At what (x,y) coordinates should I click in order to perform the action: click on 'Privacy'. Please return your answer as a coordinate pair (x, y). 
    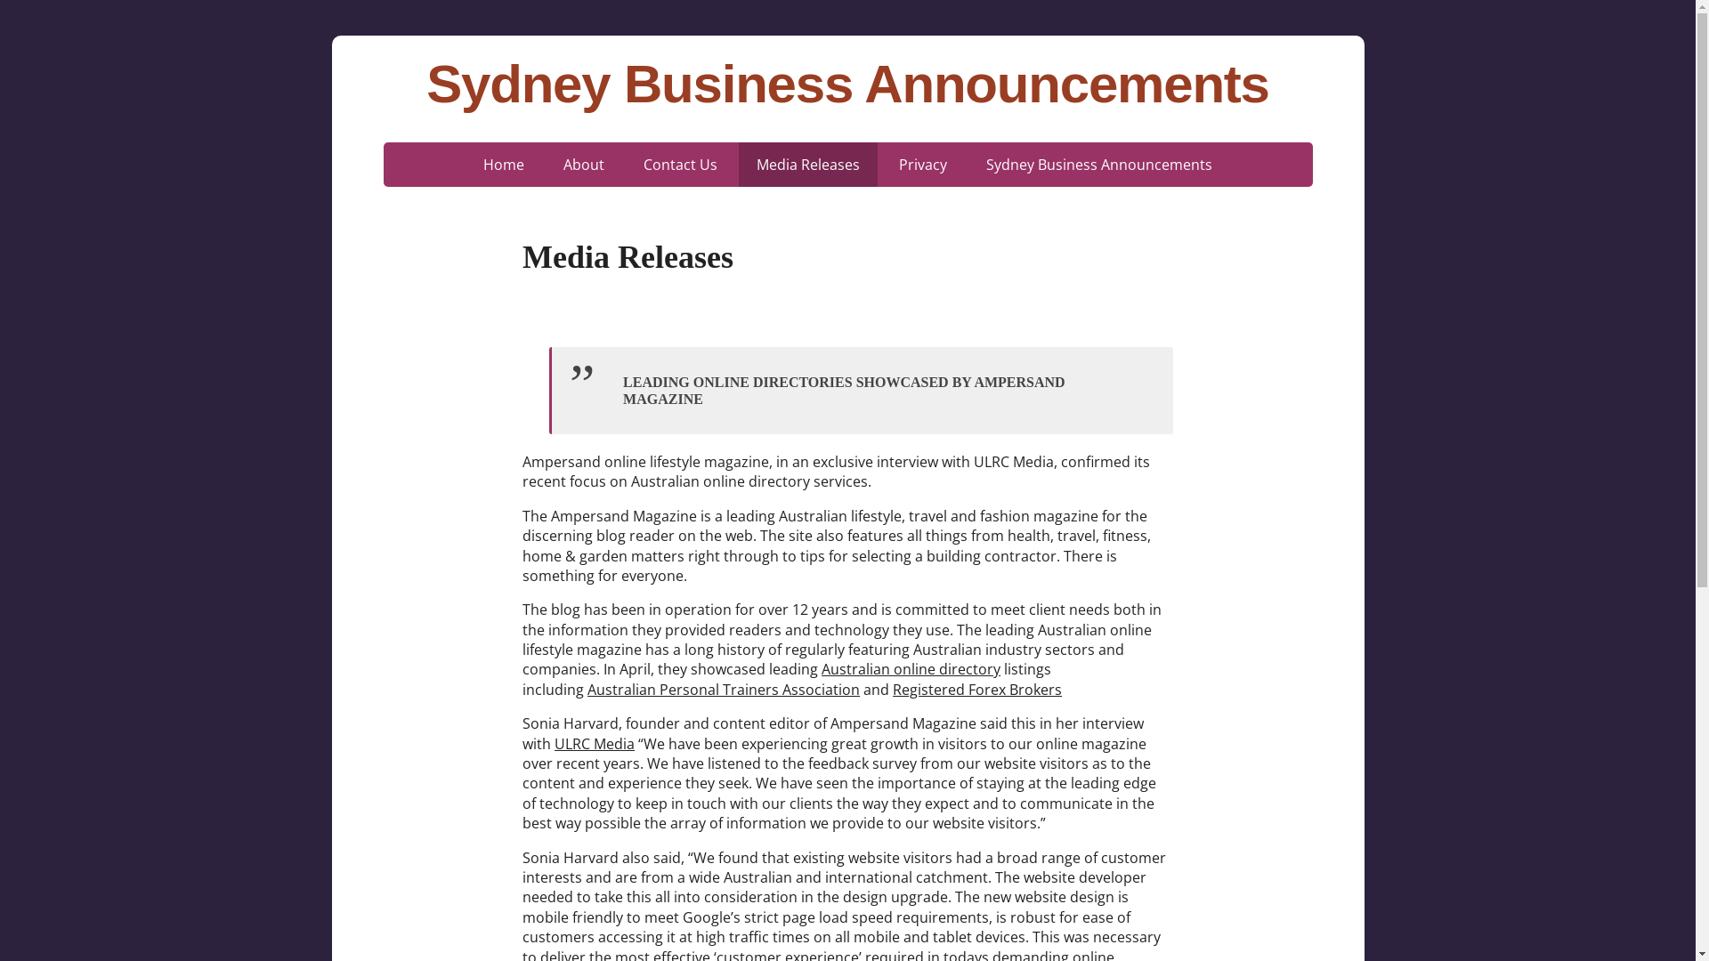
    Looking at the image, I should click on (922, 165).